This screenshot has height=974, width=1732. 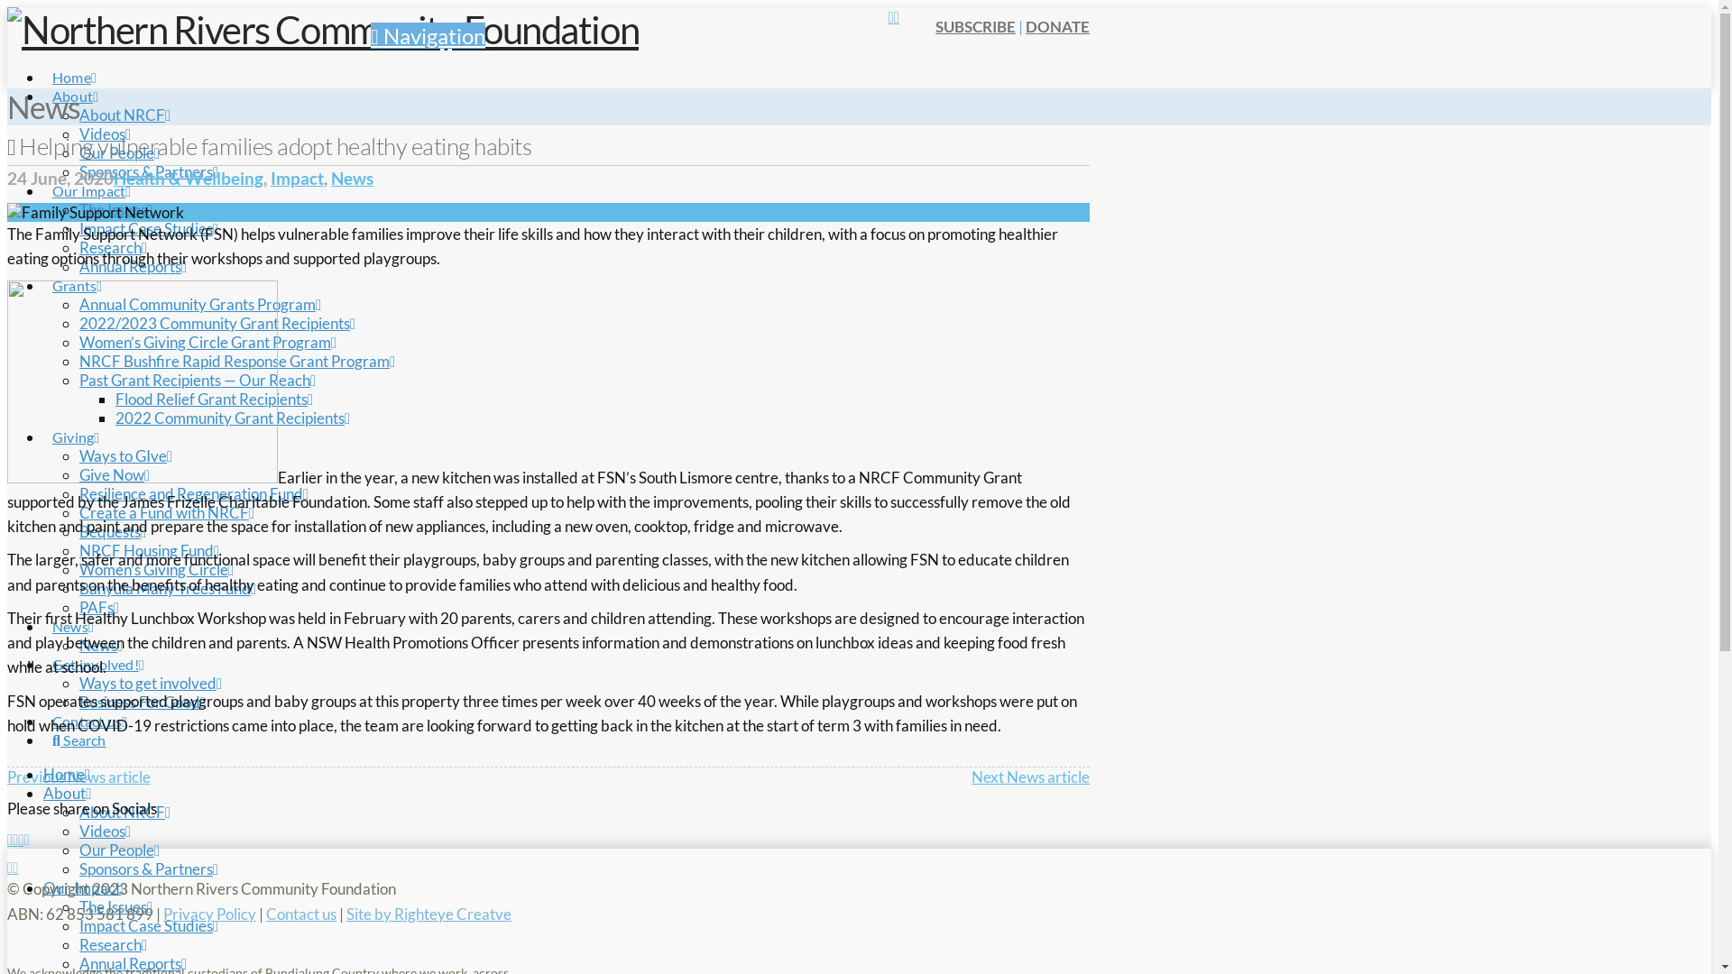 What do you see at coordinates (9, 839) in the screenshot?
I see `'Share on Facebook'` at bounding box center [9, 839].